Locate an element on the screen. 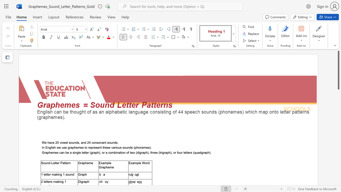 This screenshot has height=192, width=341. the scrollbar on the right is located at coordinates (338, 101).